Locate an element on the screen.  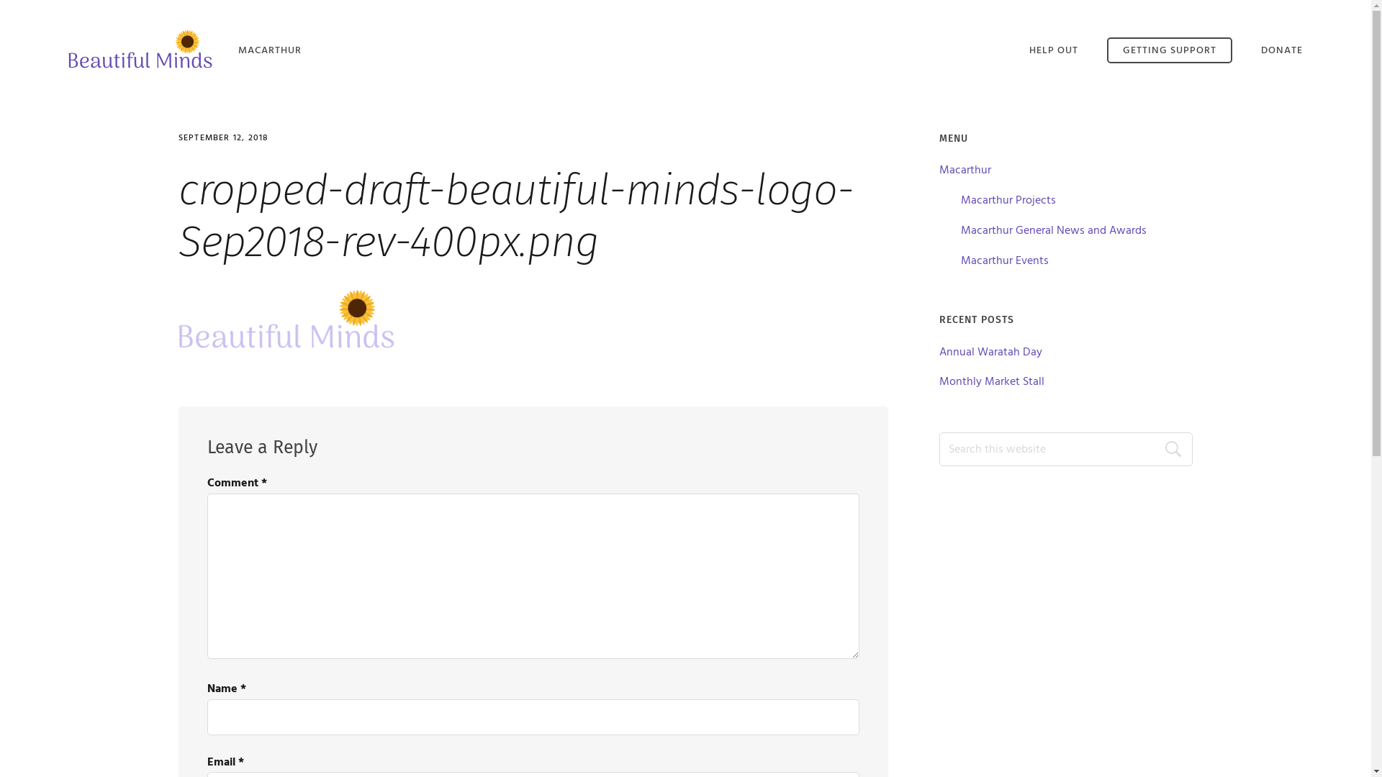
'Beautiful Minds' is located at coordinates (140, 47).